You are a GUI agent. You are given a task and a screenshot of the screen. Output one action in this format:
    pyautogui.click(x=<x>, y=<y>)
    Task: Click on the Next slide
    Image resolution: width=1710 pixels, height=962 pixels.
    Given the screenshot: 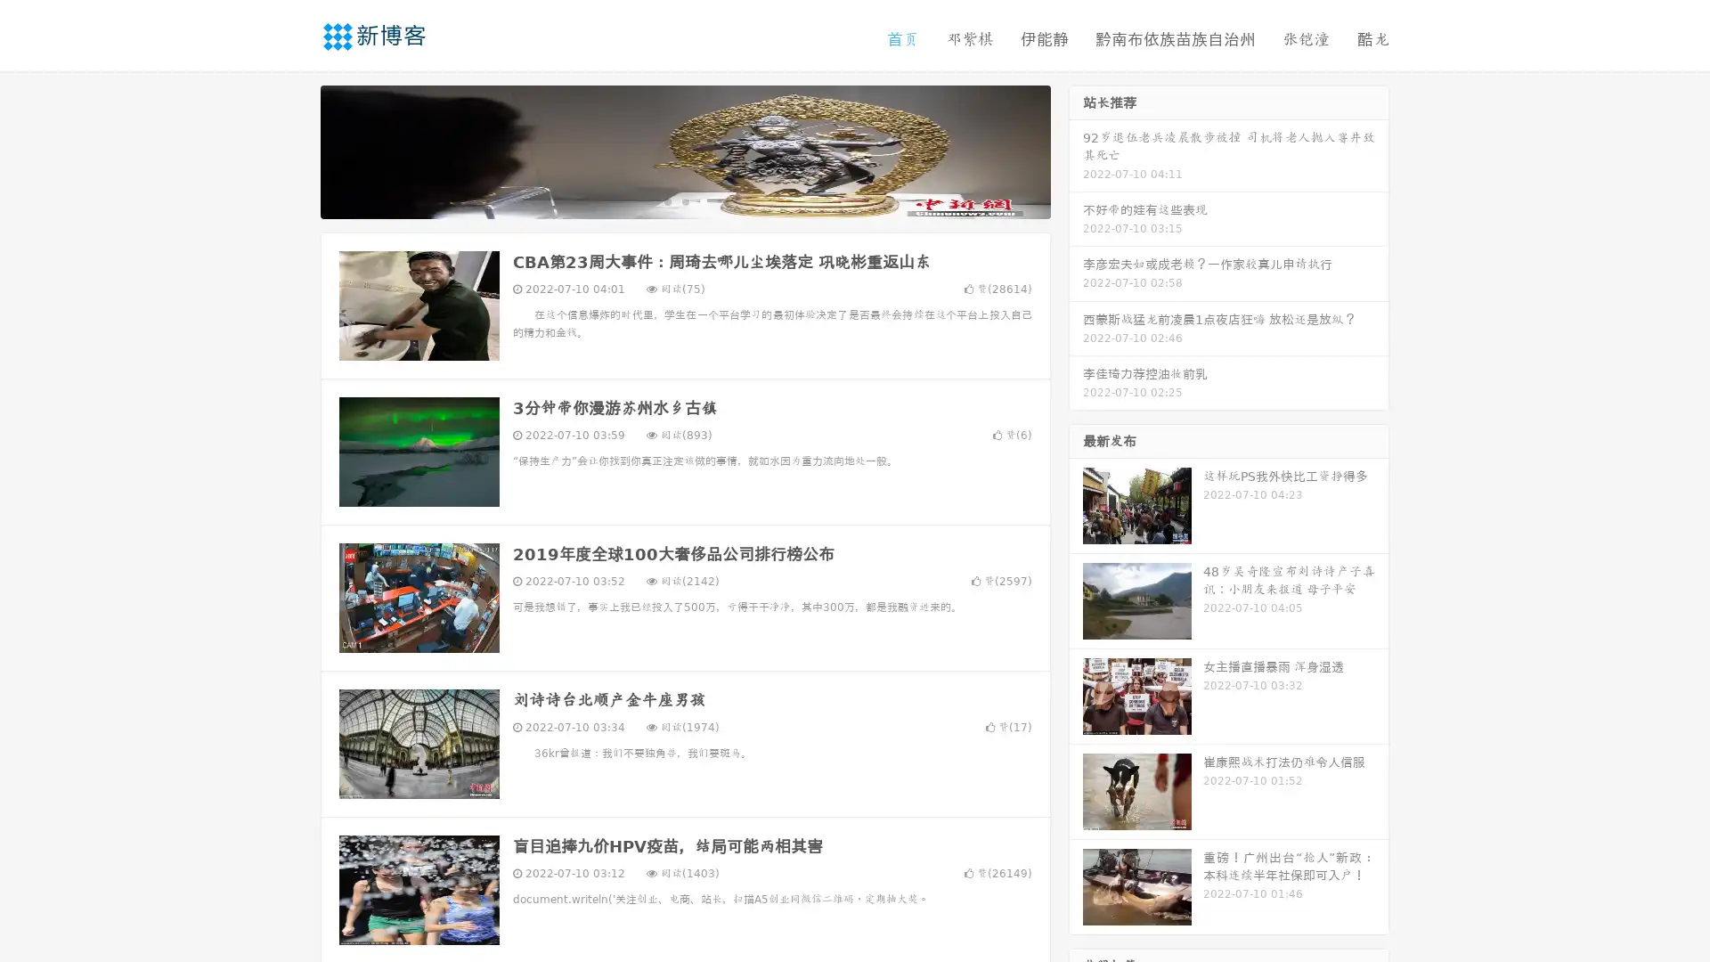 What is the action you would take?
    pyautogui.click(x=1076, y=150)
    